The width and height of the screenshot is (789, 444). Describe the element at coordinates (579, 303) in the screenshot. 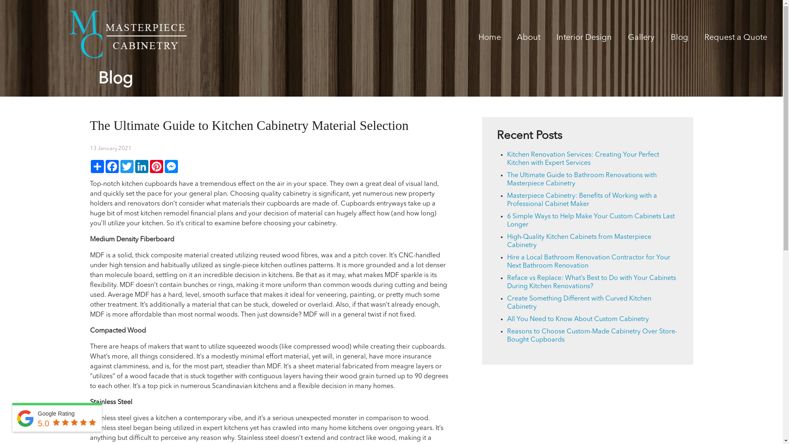

I see `'Create Something Different with Curved Kitchen Cabinetry'` at that location.